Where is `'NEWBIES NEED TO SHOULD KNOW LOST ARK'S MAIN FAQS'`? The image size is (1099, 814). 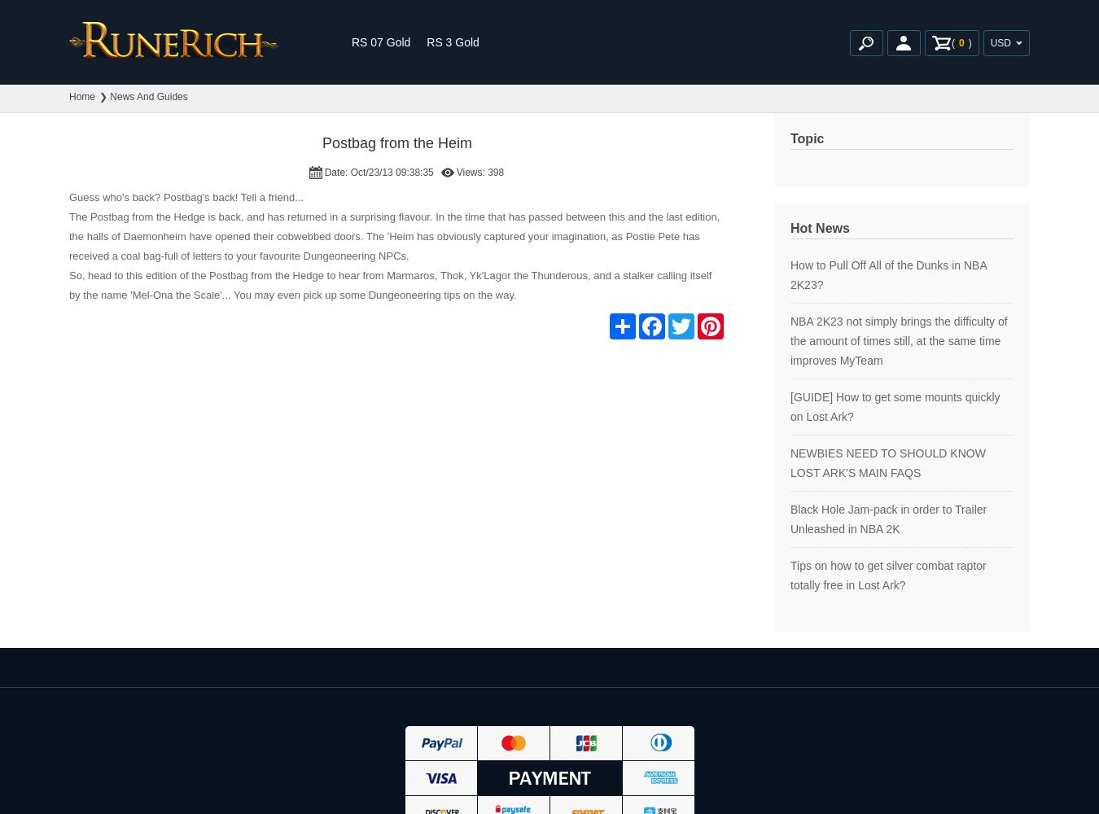
'NEWBIES NEED TO SHOULD KNOW LOST ARK'S MAIN FAQS' is located at coordinates (790, 462).